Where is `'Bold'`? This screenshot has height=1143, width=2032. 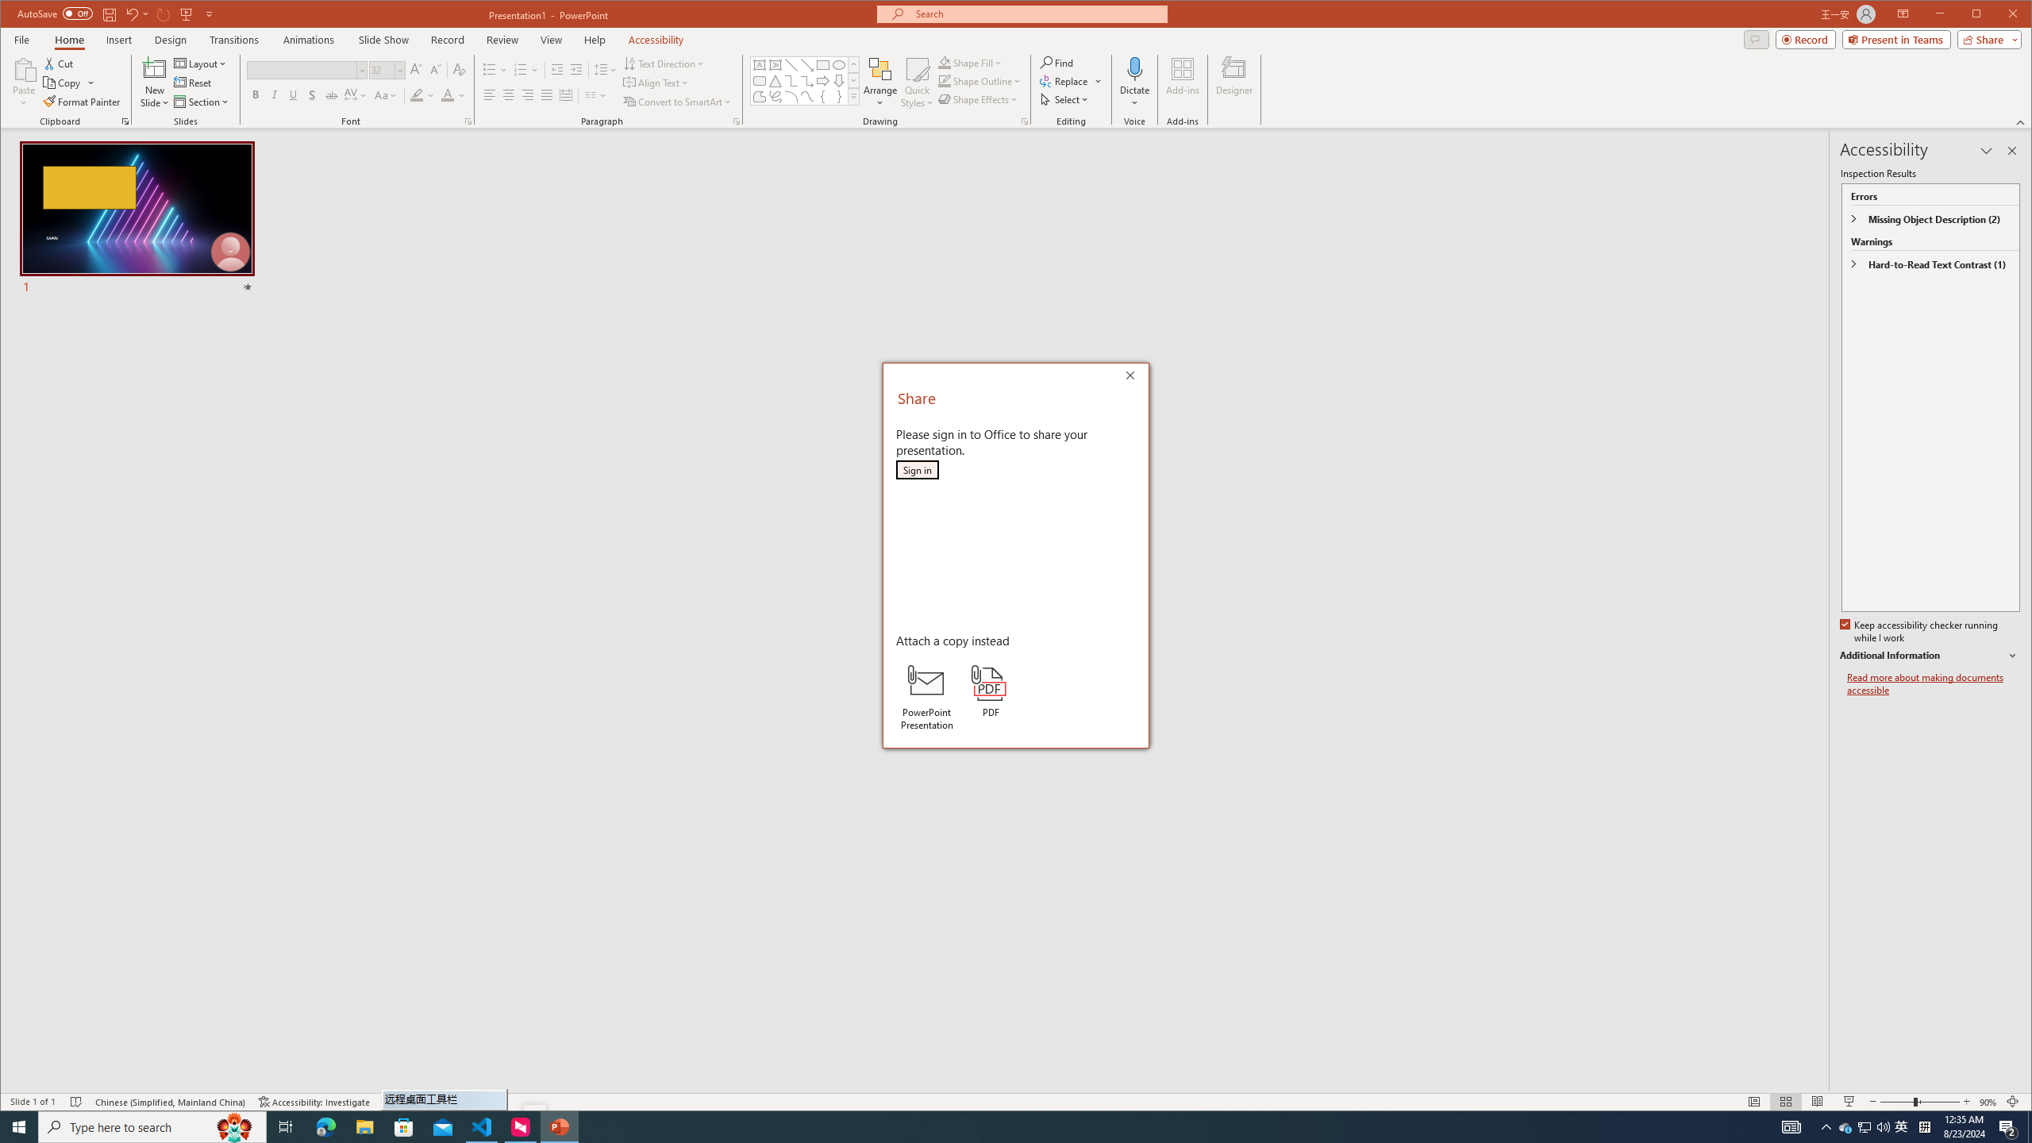 'Bold' is located at coordinates (255, 94).